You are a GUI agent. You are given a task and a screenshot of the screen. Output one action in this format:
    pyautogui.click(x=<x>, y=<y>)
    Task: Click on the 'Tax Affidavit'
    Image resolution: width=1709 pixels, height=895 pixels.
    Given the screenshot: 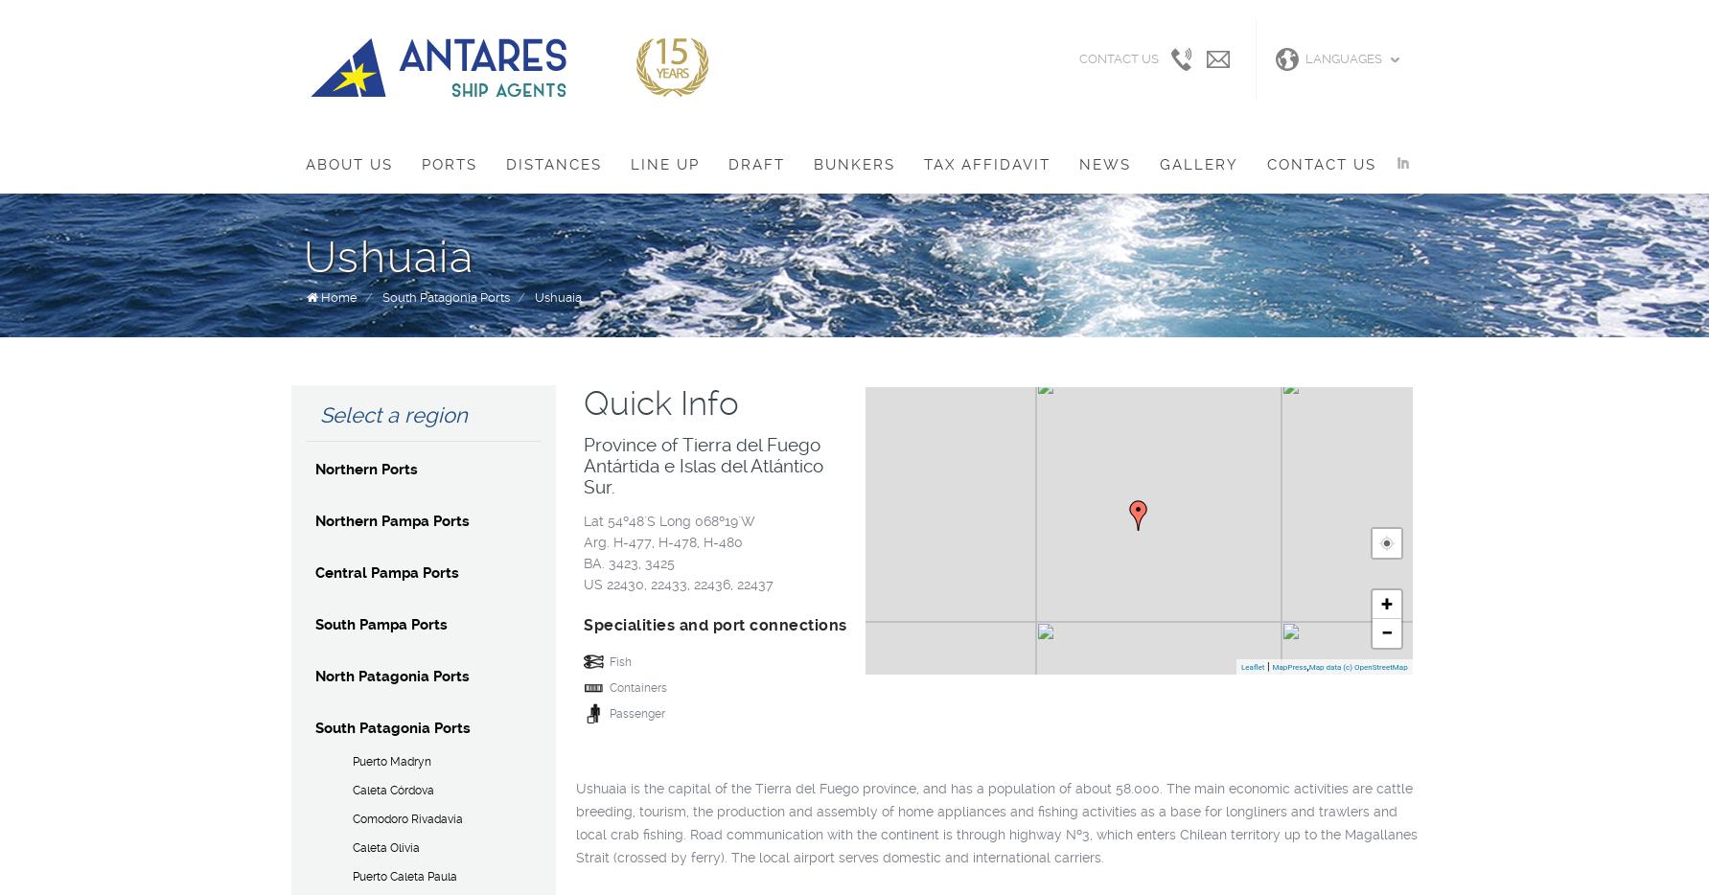 What is the action you would take?
    pyautogui.click(x=921, y=165)
    